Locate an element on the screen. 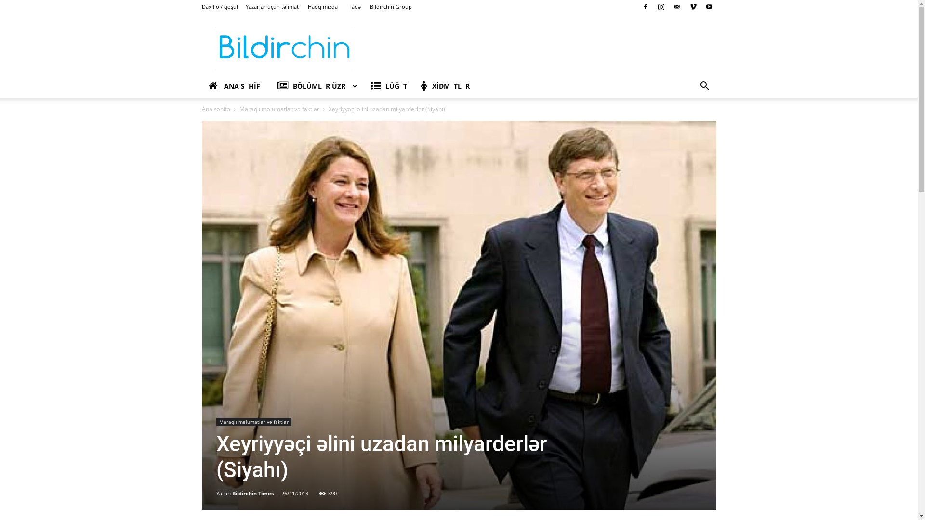  'Facebook' is located at coordinates (638, 7).